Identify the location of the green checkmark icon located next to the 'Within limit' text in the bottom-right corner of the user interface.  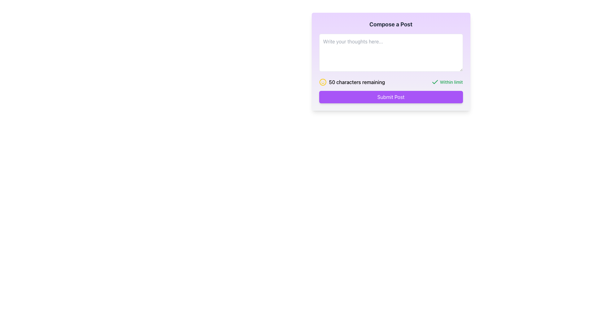
(434, 82).